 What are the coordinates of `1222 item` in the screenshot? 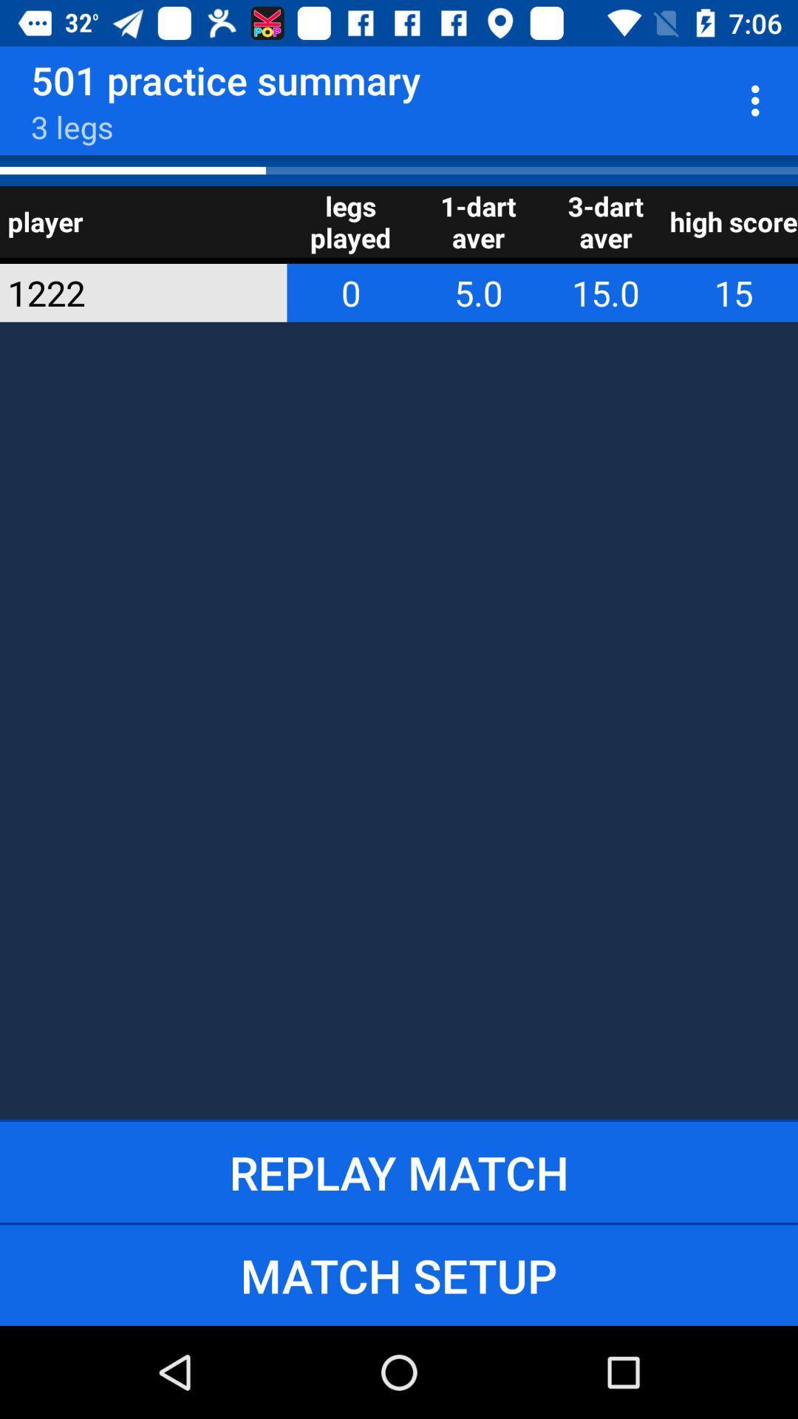 It's located at (123, 293).